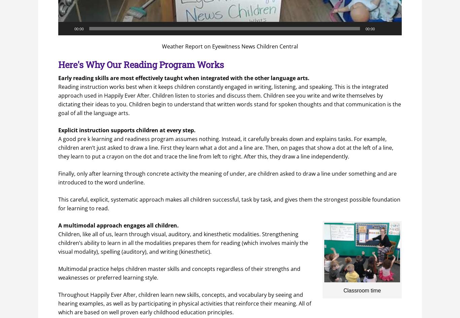  What do you see at coordinates (184, 77) in the screenshot?
I see `'Early reading skills are most effectively taught when integrated with the other language arts.'` at bounding box center [184, 77].